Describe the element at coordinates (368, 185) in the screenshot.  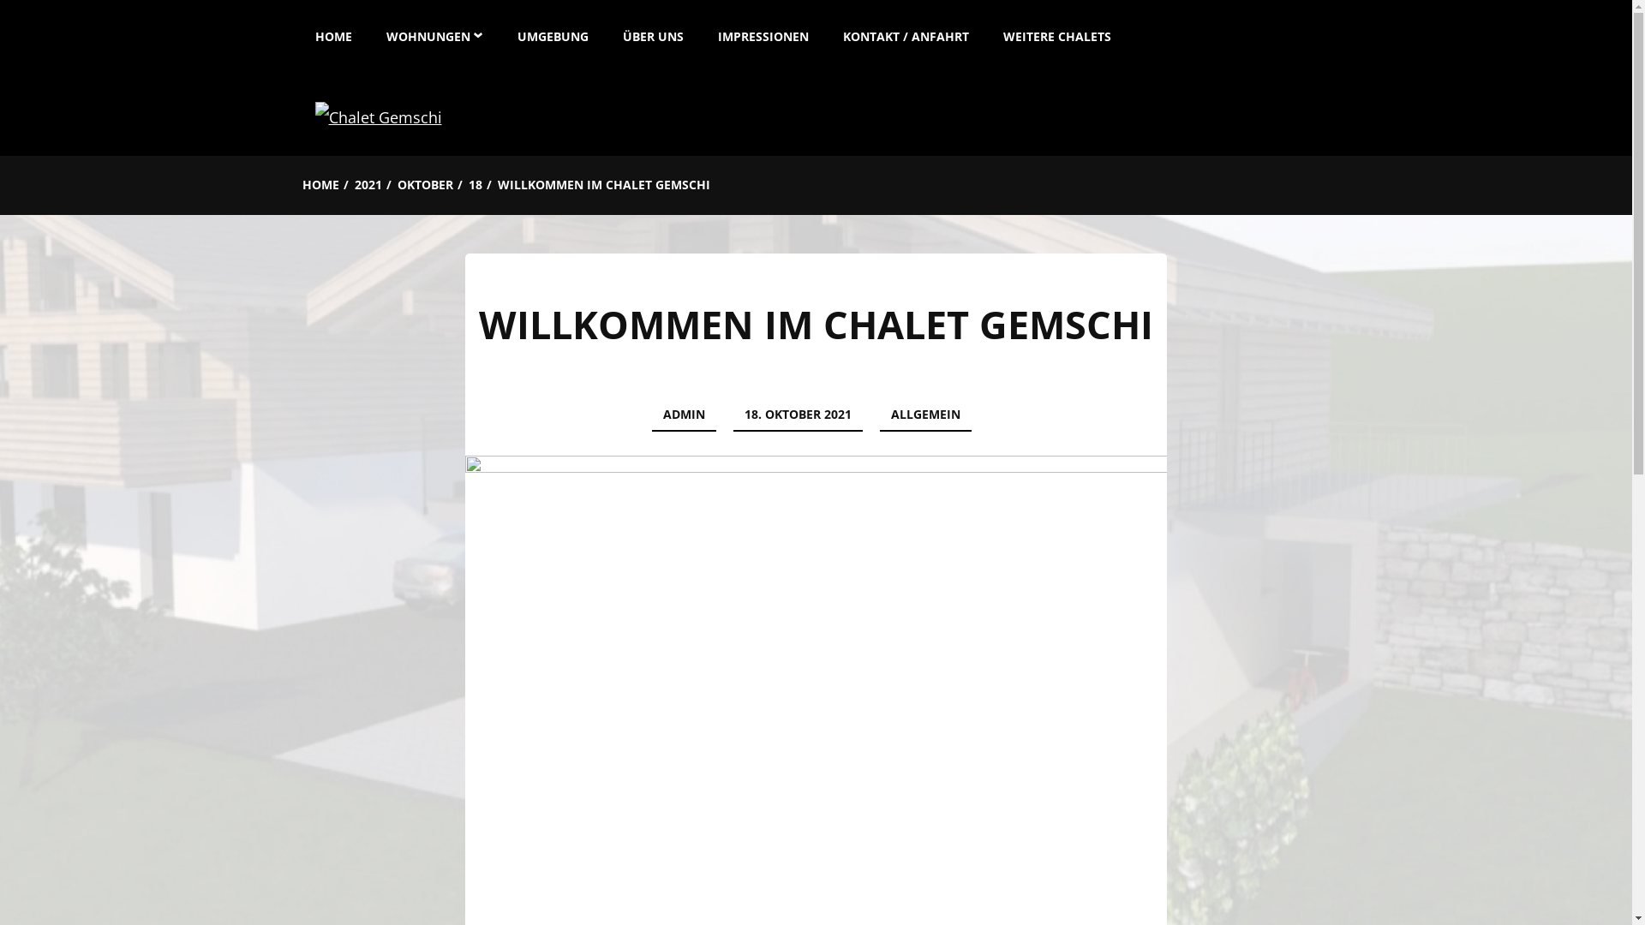
I see `'2021'` at that location.